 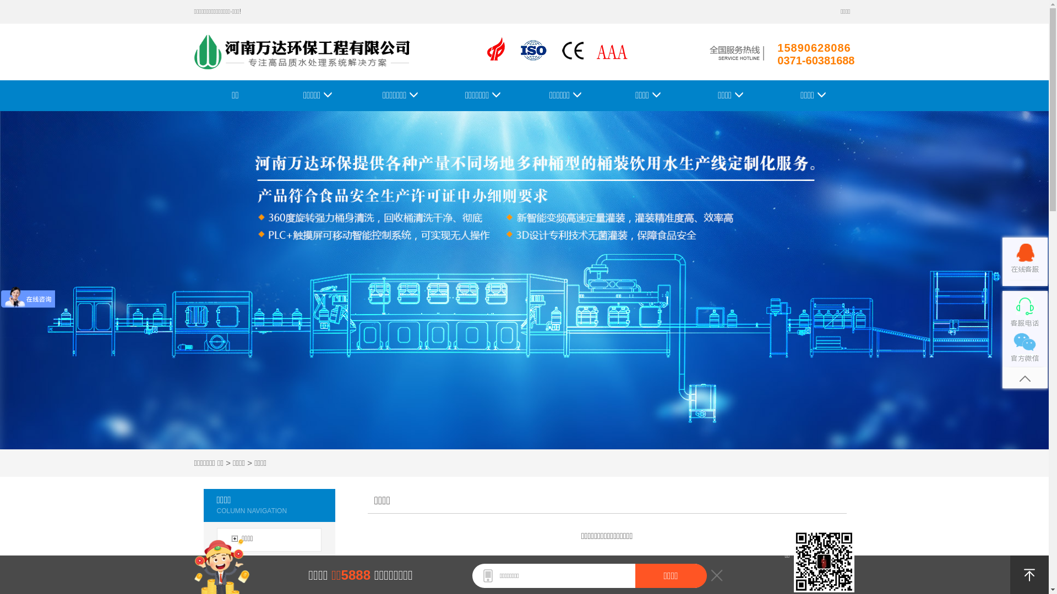 What do you see at coordinates (776, 47) in the screenshot?
I see `'15890628086'` at bounding box center [776, 47].